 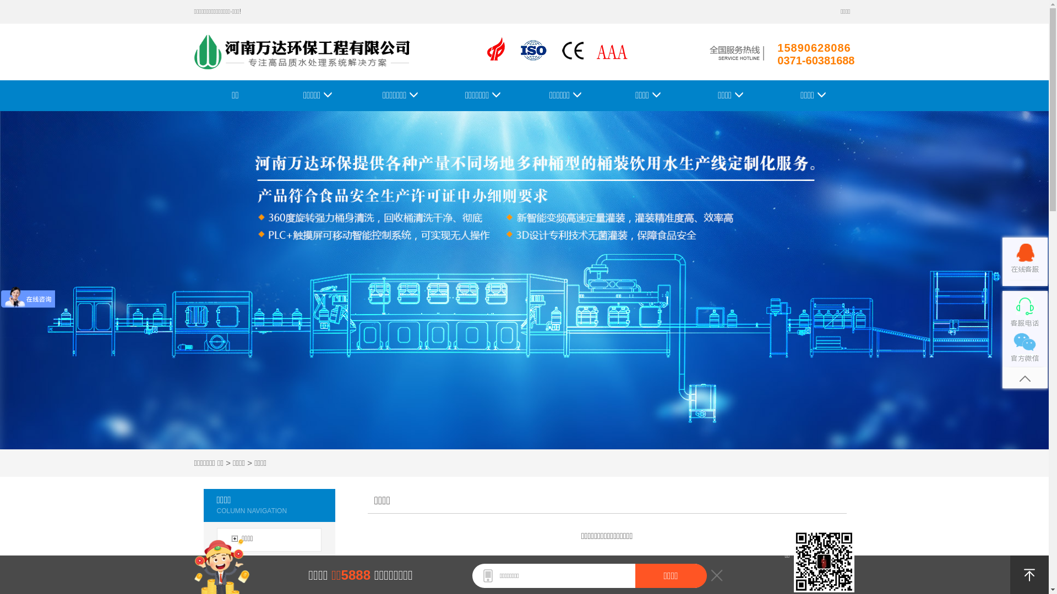 What do you see at coordinates (776, 47) in the screenshot?
I see `'15890628086'` at bounding box center [776, 47].